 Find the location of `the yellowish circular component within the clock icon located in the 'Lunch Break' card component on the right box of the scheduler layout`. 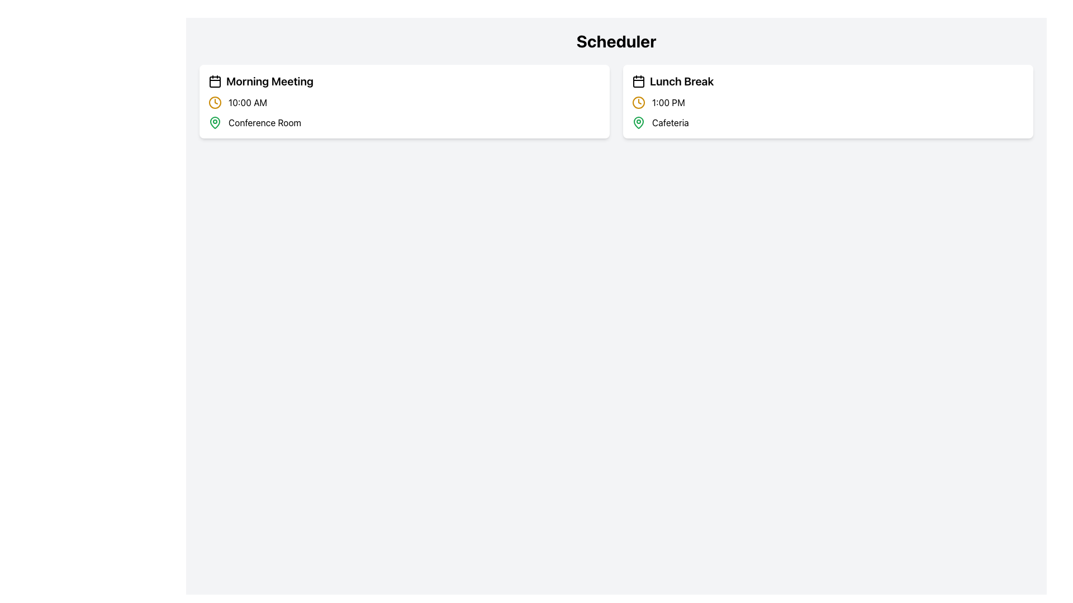

the yellowish circular component within the clock icon located in the 'Lunch Break' card component on the right box of the scheduler layout is located at coordinates (638, 103).